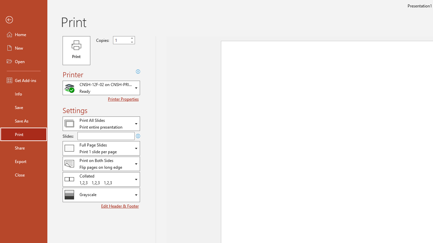  I want to click on 'Info', so click(23, 93).